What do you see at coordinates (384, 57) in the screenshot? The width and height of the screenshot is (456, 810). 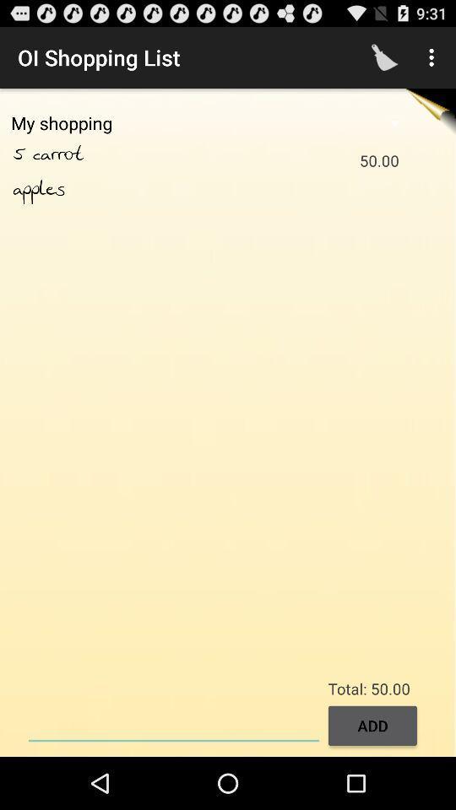 I see `the icon to the right of the oi shopping list icon` at bounding box center [384, 57].